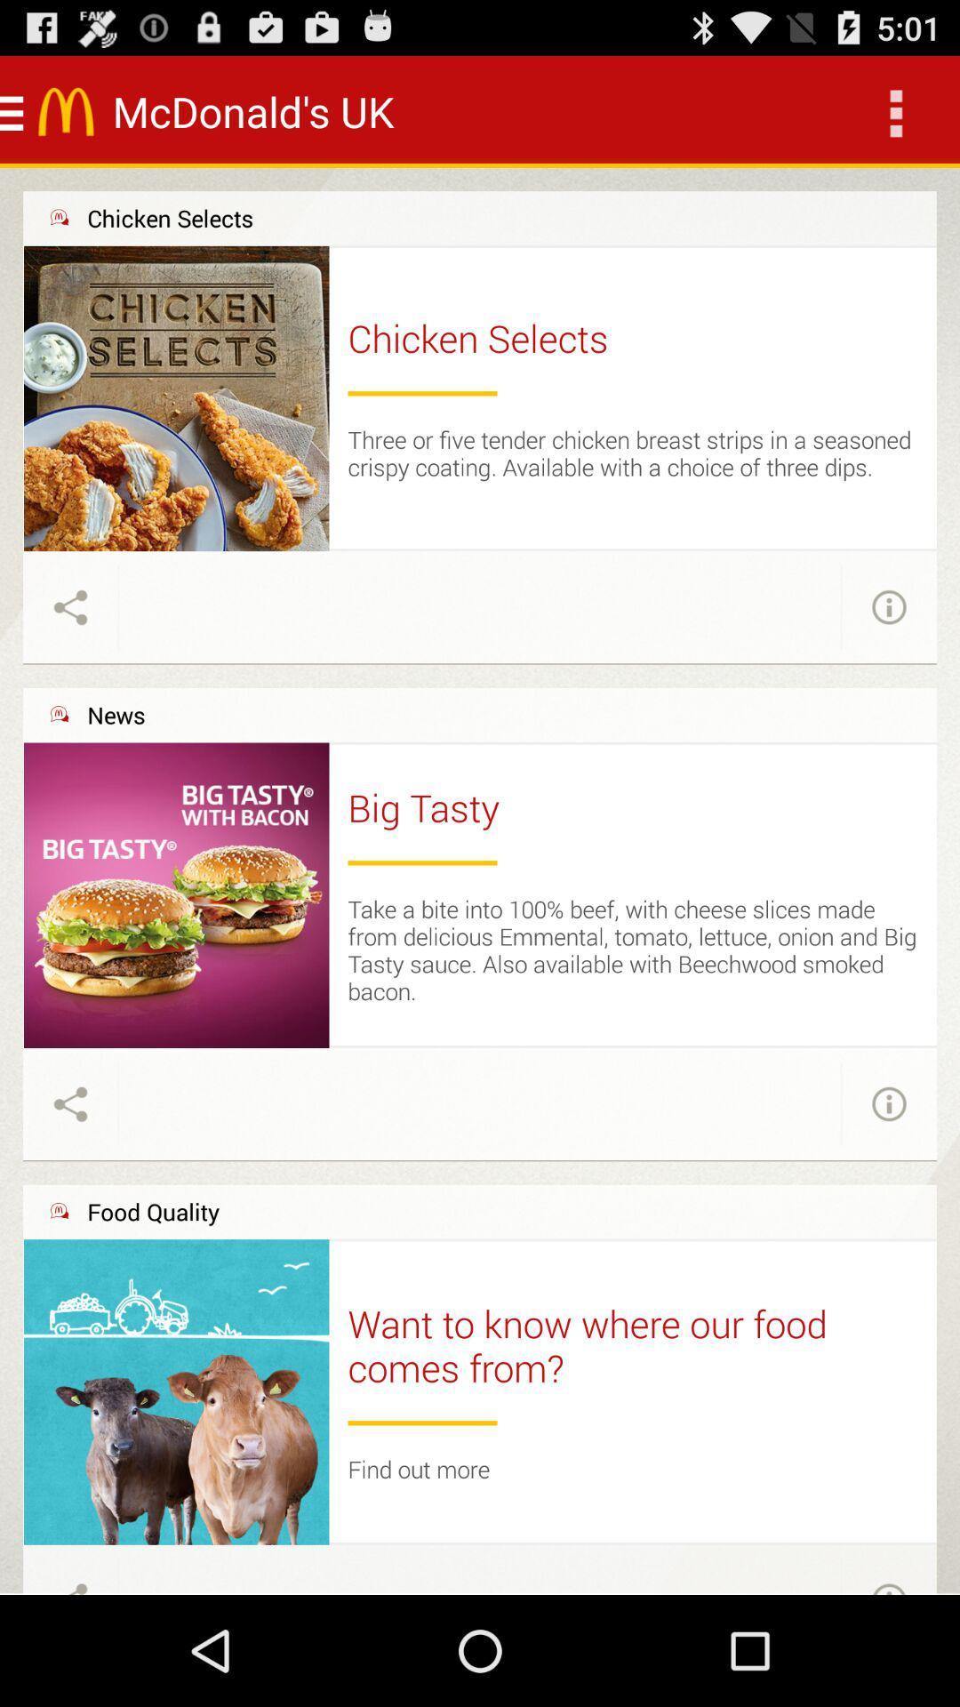 This screenshot has width=960, height=1707. Describe the element at coordinates (422, 862) in the screenshot. I see `item above take a bite` at that location.